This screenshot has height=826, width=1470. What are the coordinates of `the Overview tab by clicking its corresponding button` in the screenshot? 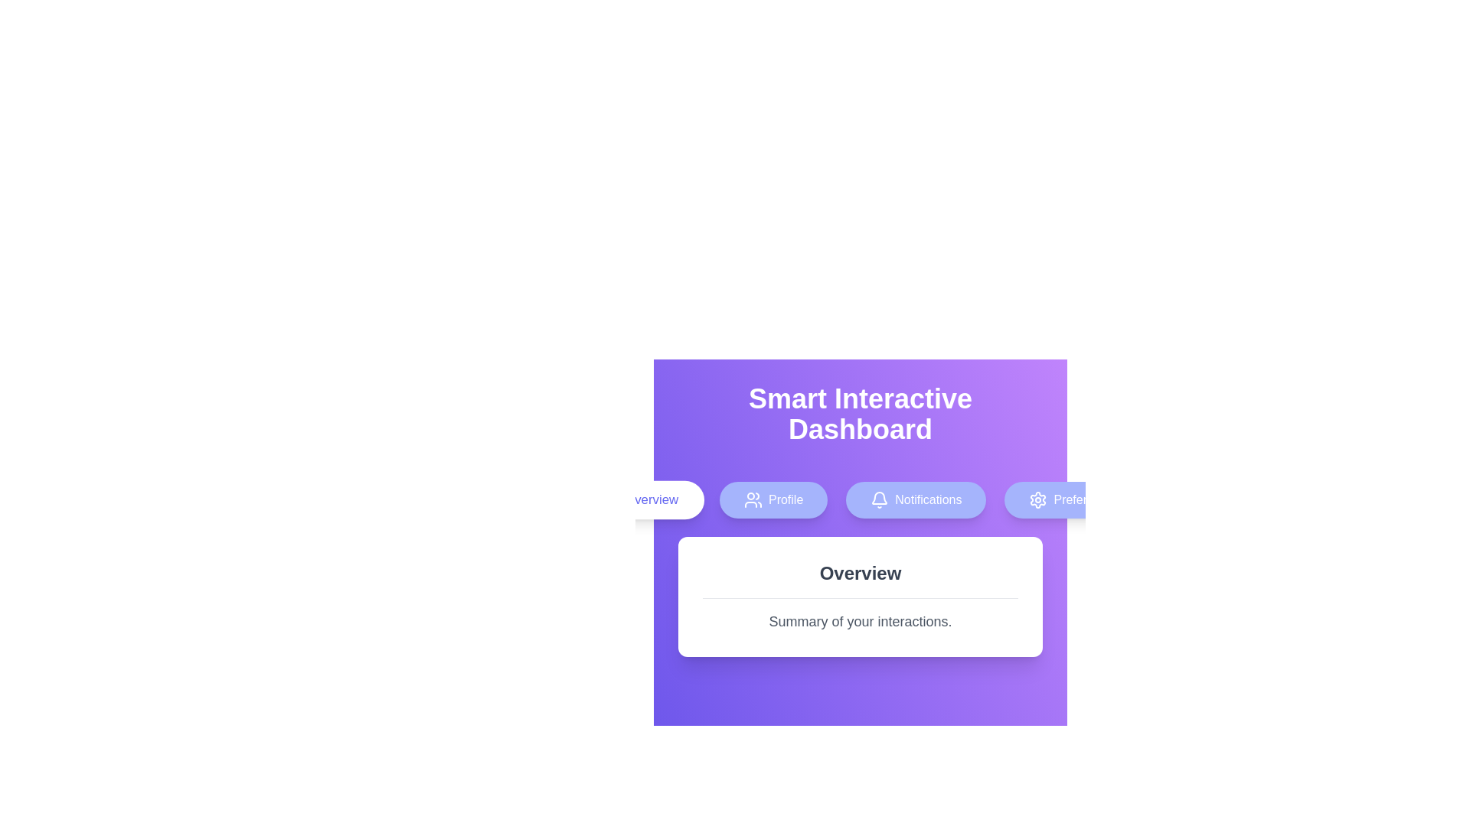 It's located at (639, 500).